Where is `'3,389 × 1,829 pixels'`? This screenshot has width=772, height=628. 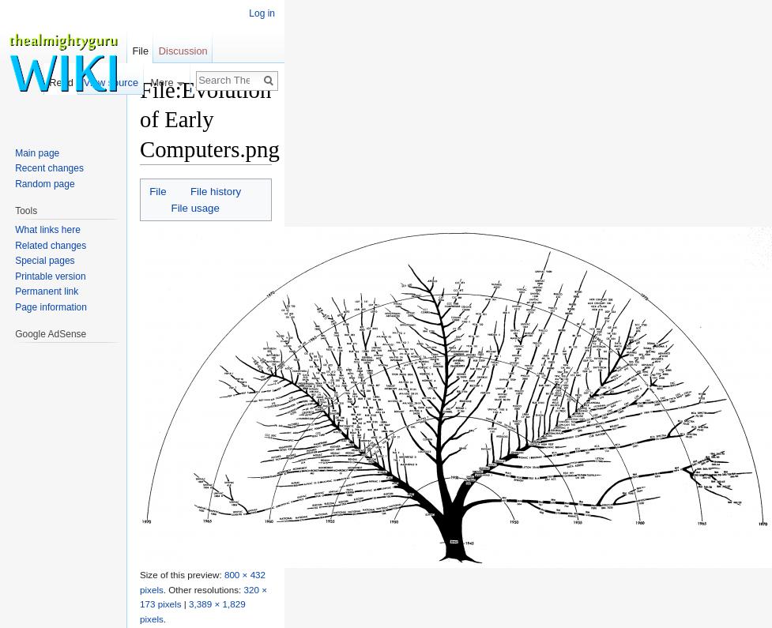
'3,389 × 1,829 pixels' is located at coordinates (191, 611).